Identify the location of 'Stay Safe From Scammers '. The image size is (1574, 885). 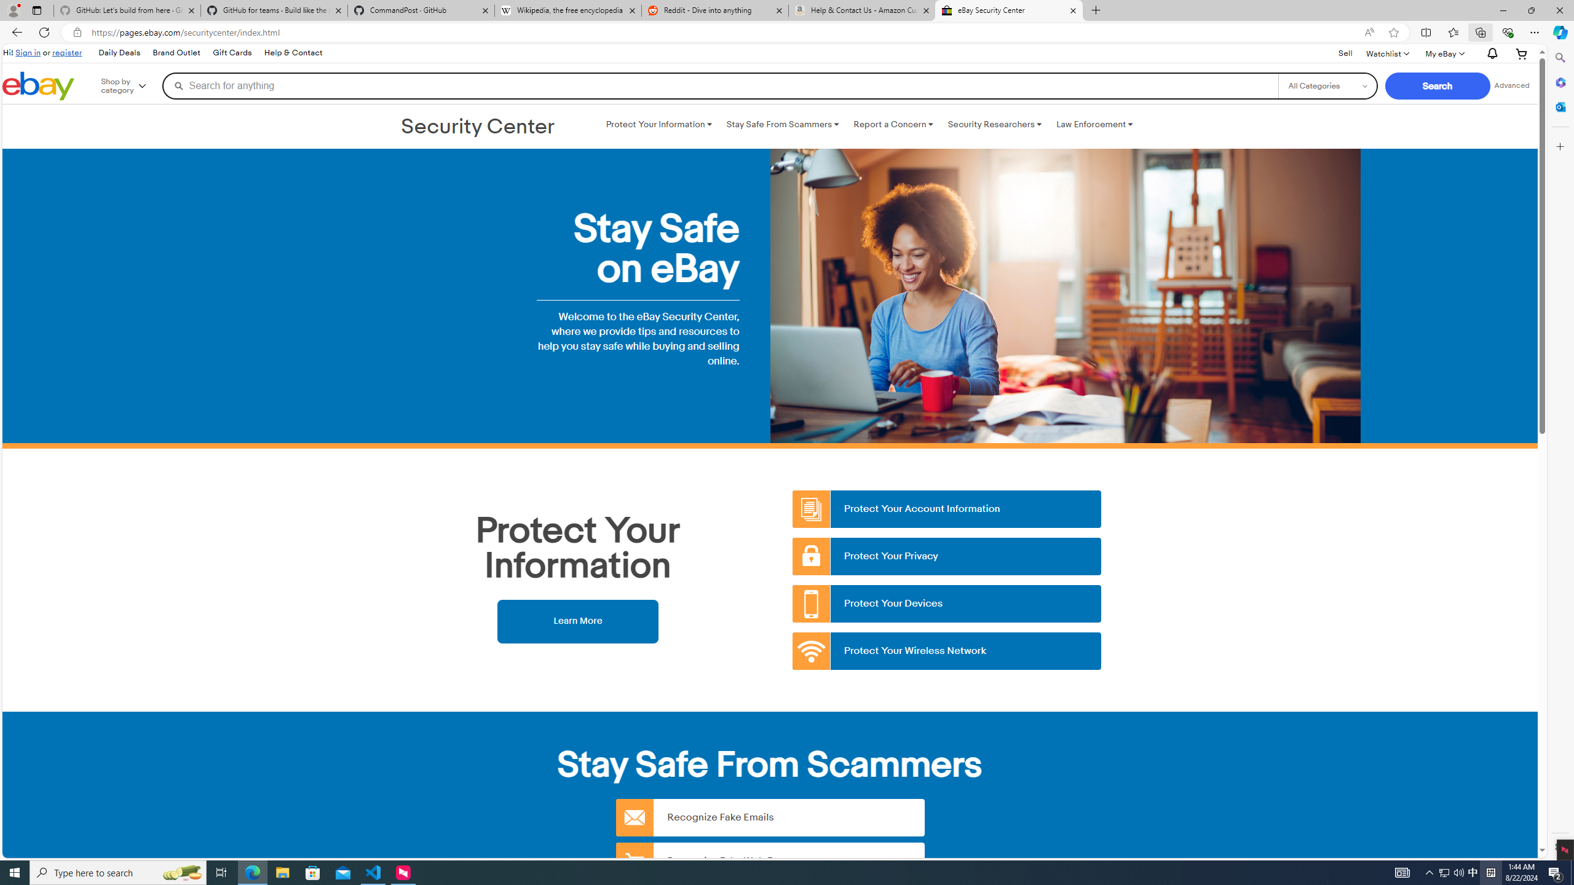
(781, 124).